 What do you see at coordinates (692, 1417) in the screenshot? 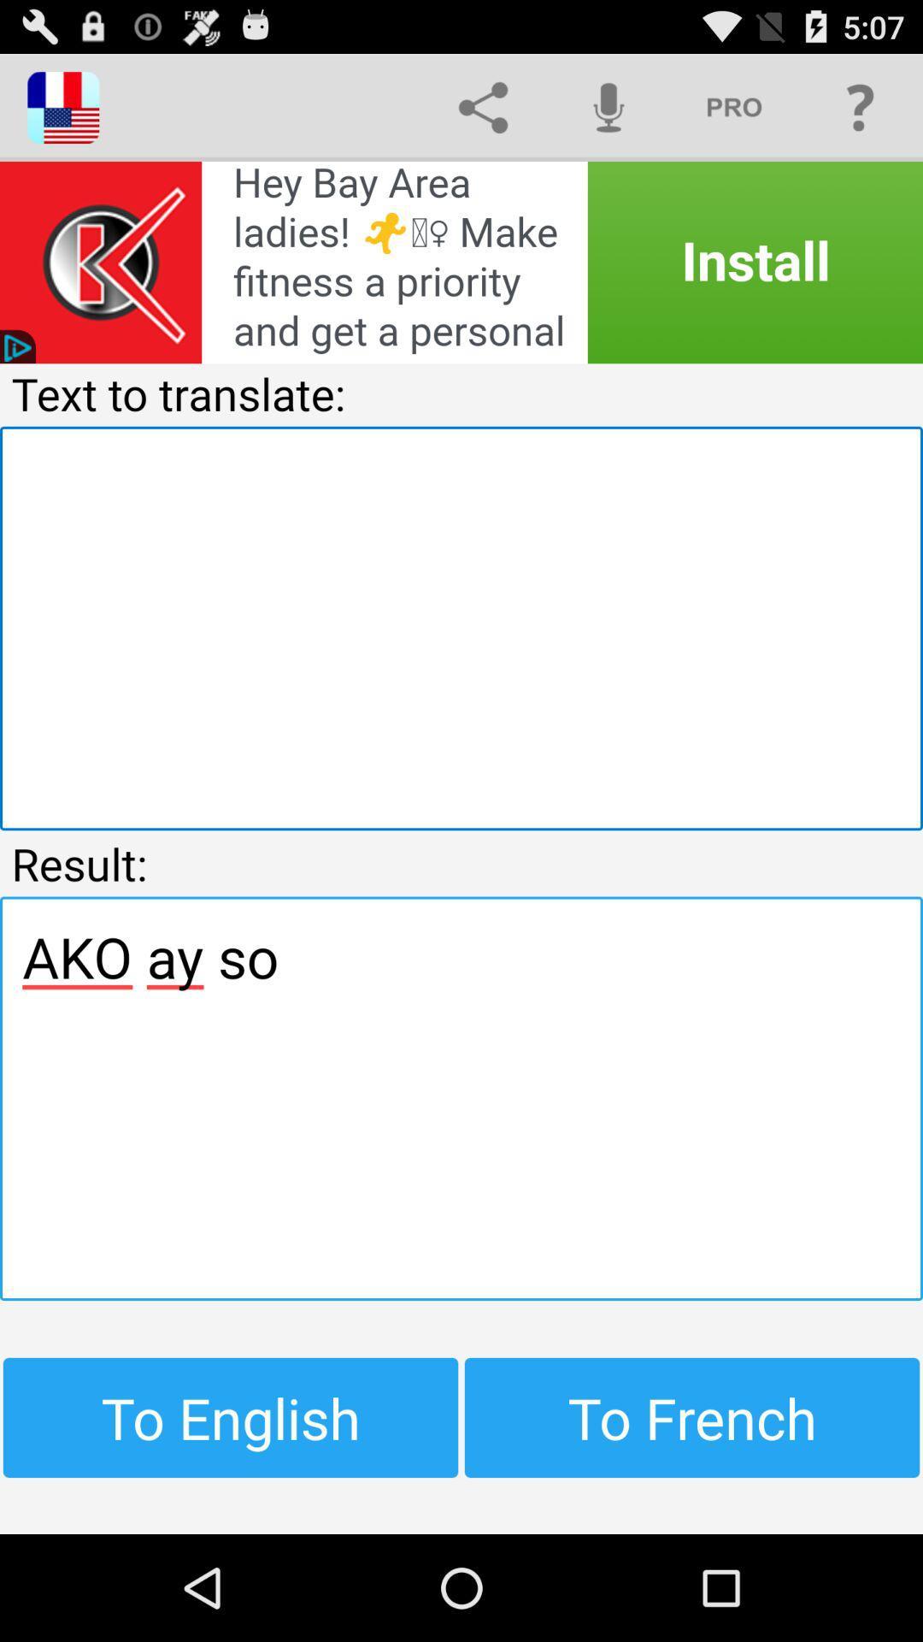
I see `the icon next to the to english button` at bounding box center [692, 1417].